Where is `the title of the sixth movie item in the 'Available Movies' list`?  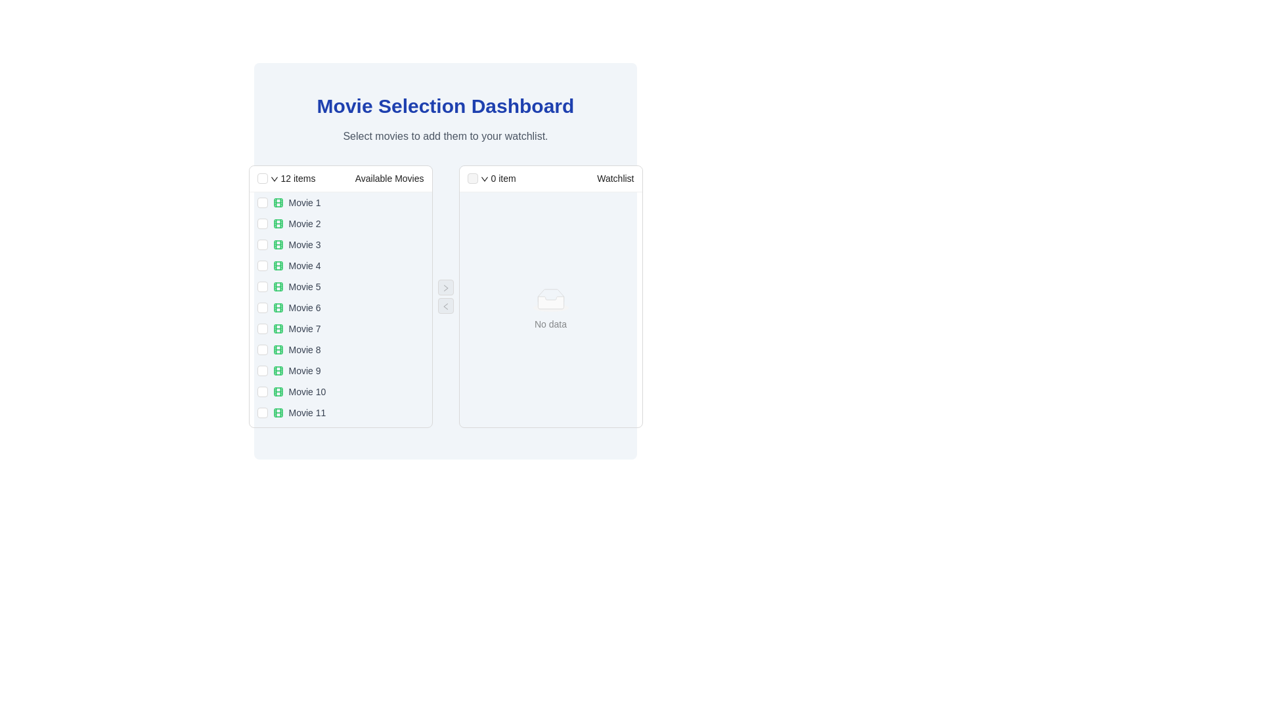 the title of the sixth movie item in the 'Available Movies' list is located at coordinates (340, 309).